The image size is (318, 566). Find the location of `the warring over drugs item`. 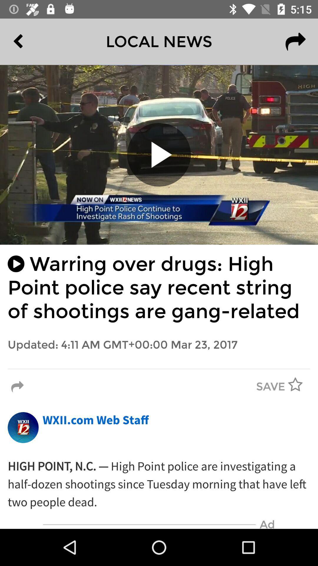

the warring over drugs item is located at coordinates (159, 288).